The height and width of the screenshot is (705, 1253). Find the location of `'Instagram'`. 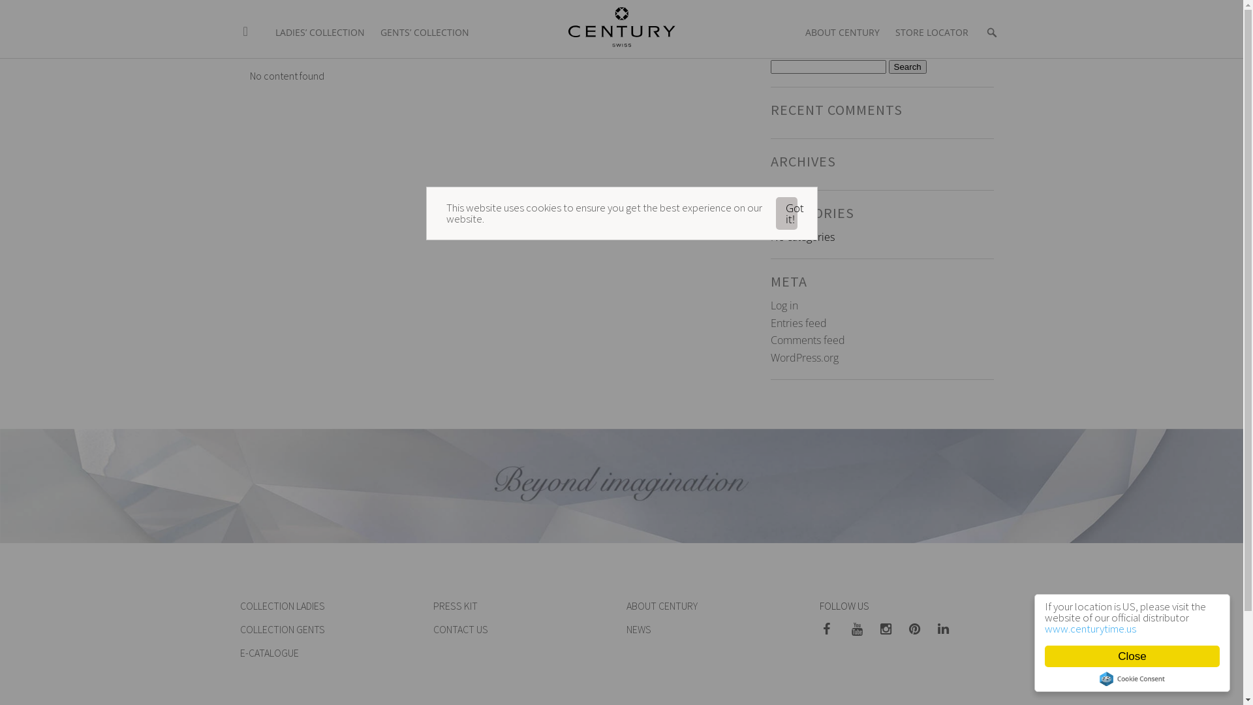

'Instagram' is located at coordinates (877, 629).